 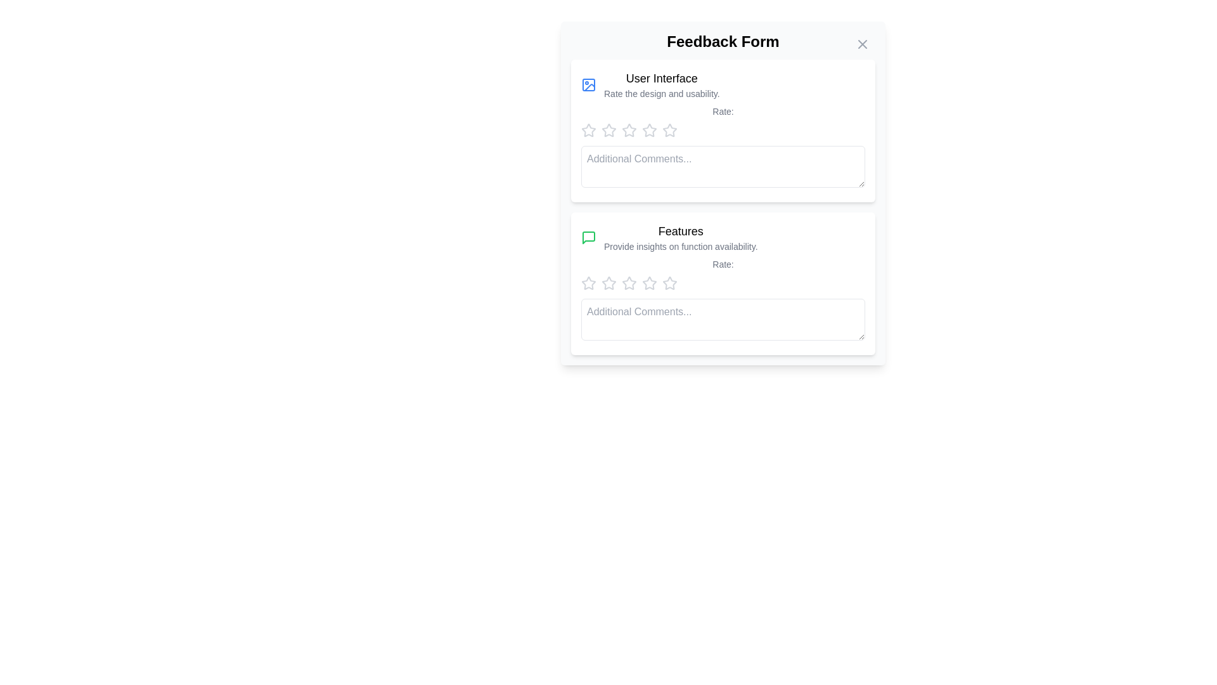 I want to click on the header and description text for the 'User Interface' rating and feedback section, which is located at the top of the section and immediately to the right of a blue icon, so click(x=661, y=85).